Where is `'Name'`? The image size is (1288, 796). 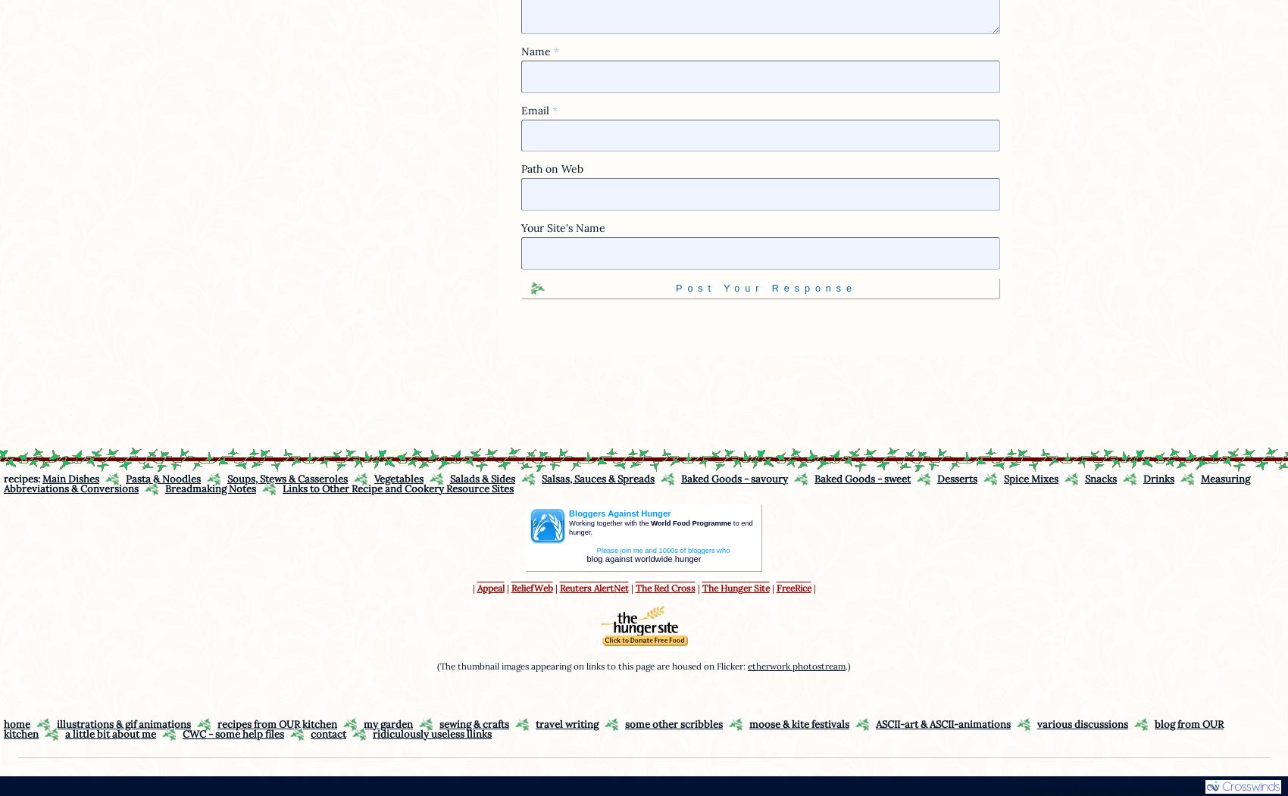 'Name' is located at coordinates (536, 50).